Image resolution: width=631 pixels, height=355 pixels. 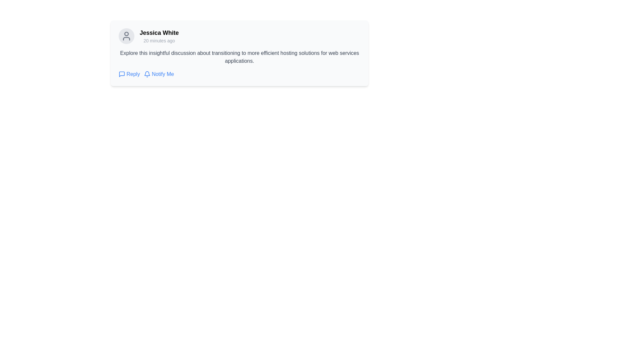 I want to click on the notification opt-in button located to the right of the 'Reply' button, which is the second clickable item in the horizontal group below a user comment, so click(x=159, y=74).